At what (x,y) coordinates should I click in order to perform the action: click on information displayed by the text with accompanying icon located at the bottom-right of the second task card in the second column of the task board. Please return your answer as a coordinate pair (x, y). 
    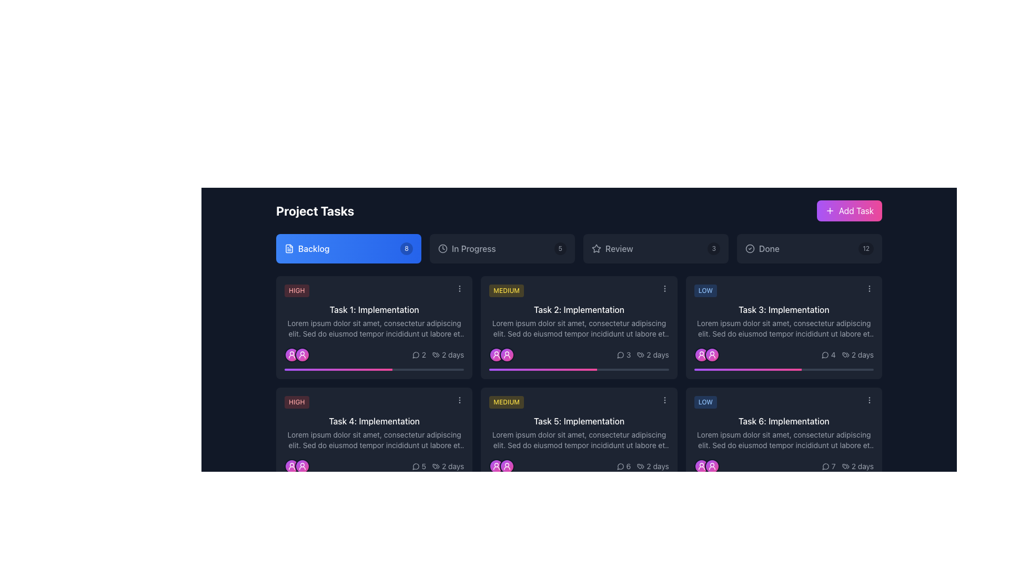
    Looking at the image, I should click on (652, 355).